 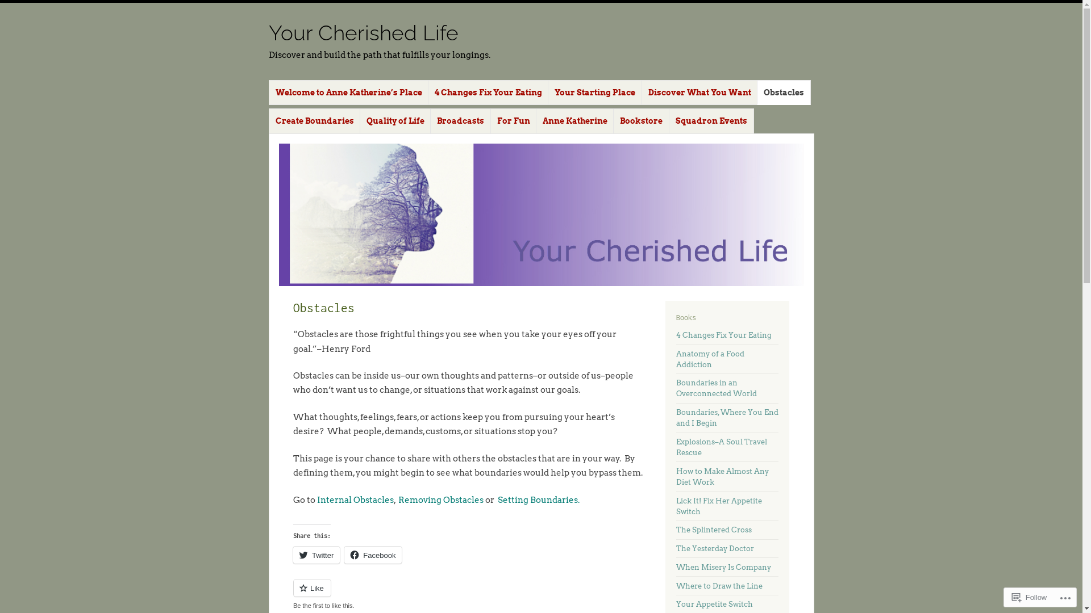 What do you see at coordinates (343, 555) in the screenshot?
I see `'Facebook'` at bounding box center [343, 555].